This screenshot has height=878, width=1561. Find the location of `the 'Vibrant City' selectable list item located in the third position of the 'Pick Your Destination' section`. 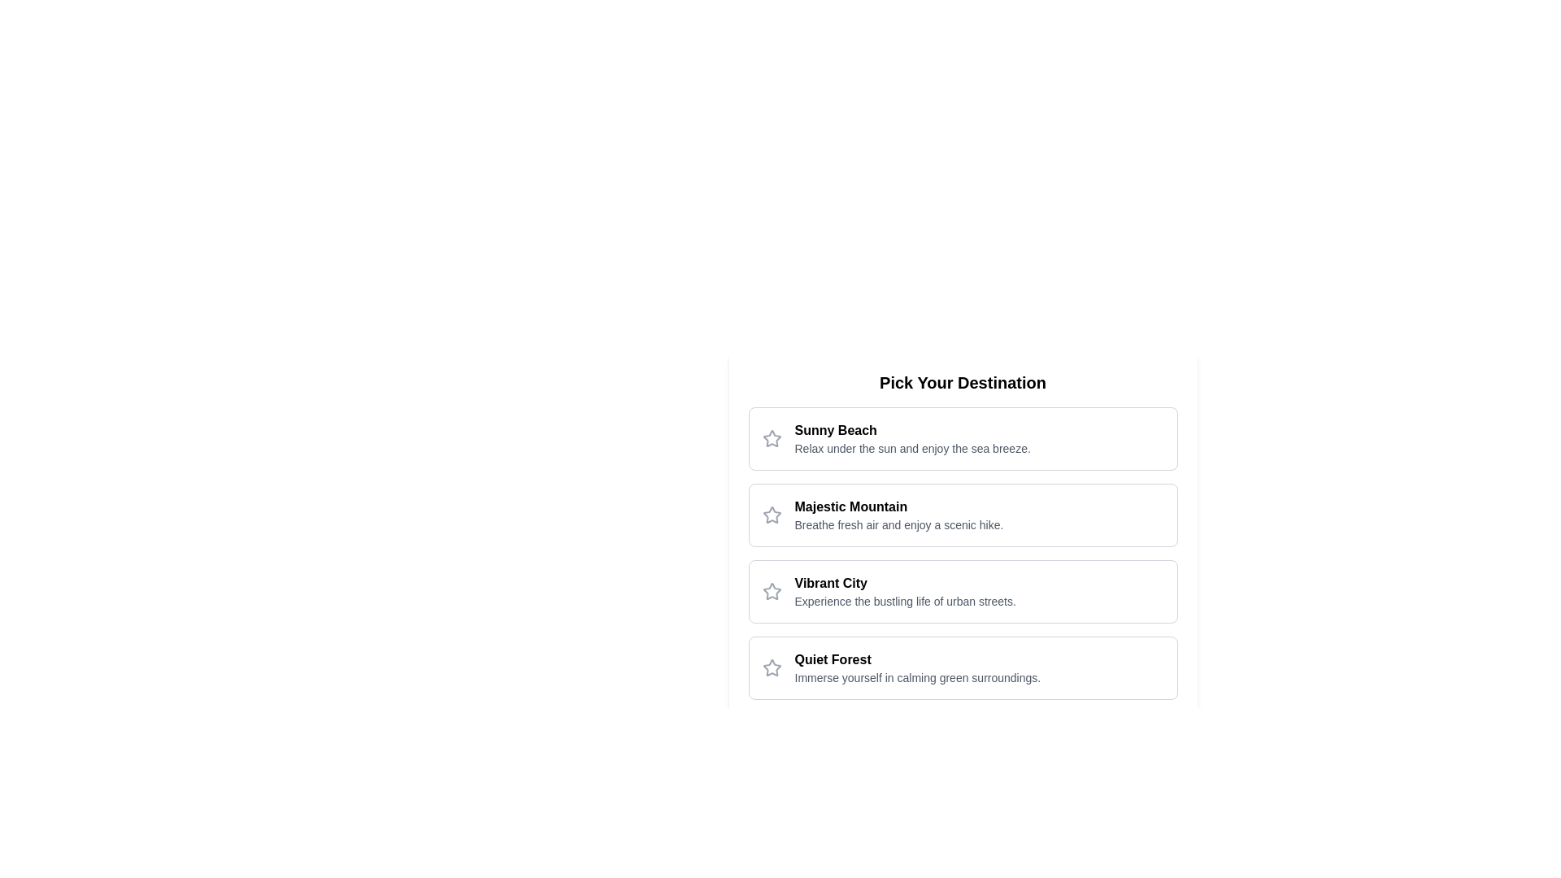

the 'Vibrant City' selectable list item located in the third position of the 'Pick Your Destination' section is located at coordinates (963, 592).